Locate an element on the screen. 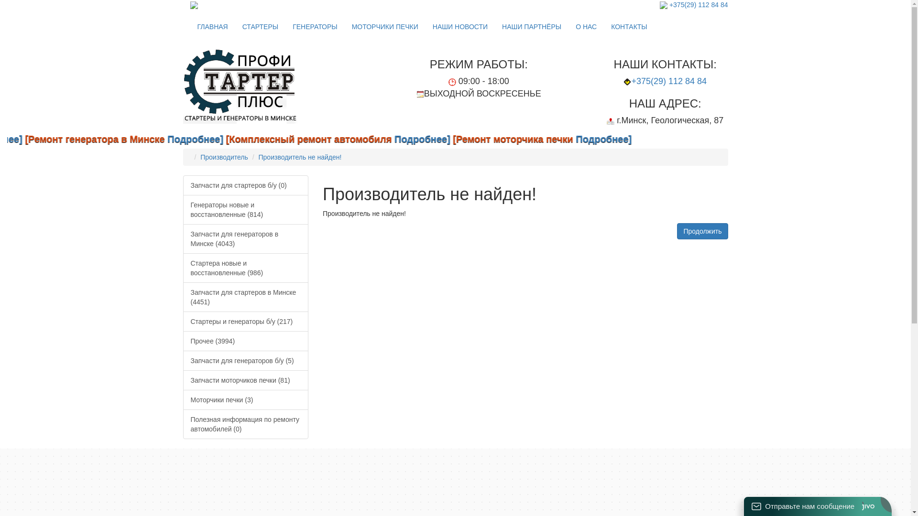 The width and height of the screenshot is (918, 516). '+375(29) 112 84 84' is located at coordinates (699, 5).